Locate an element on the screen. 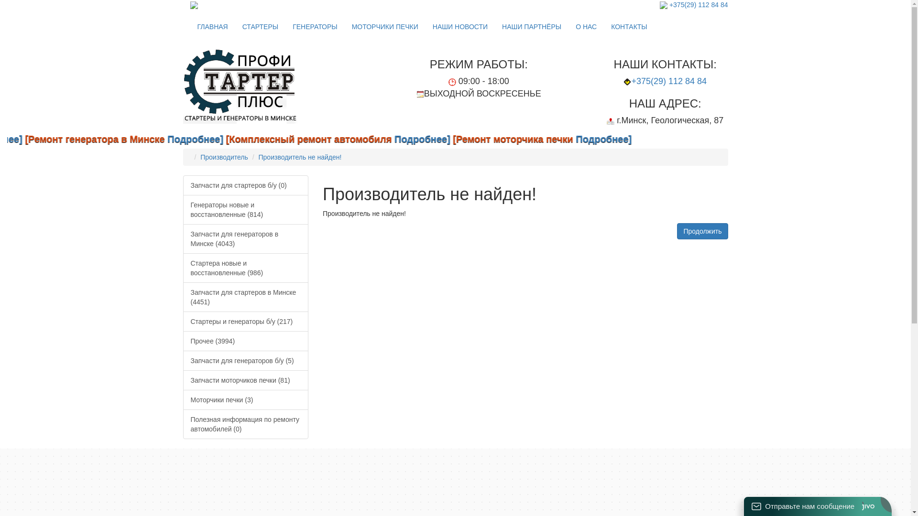 The width and height of the screenshot is (918, 516). '+375(29) 112 84 84' is located at coordinates (699, 5).